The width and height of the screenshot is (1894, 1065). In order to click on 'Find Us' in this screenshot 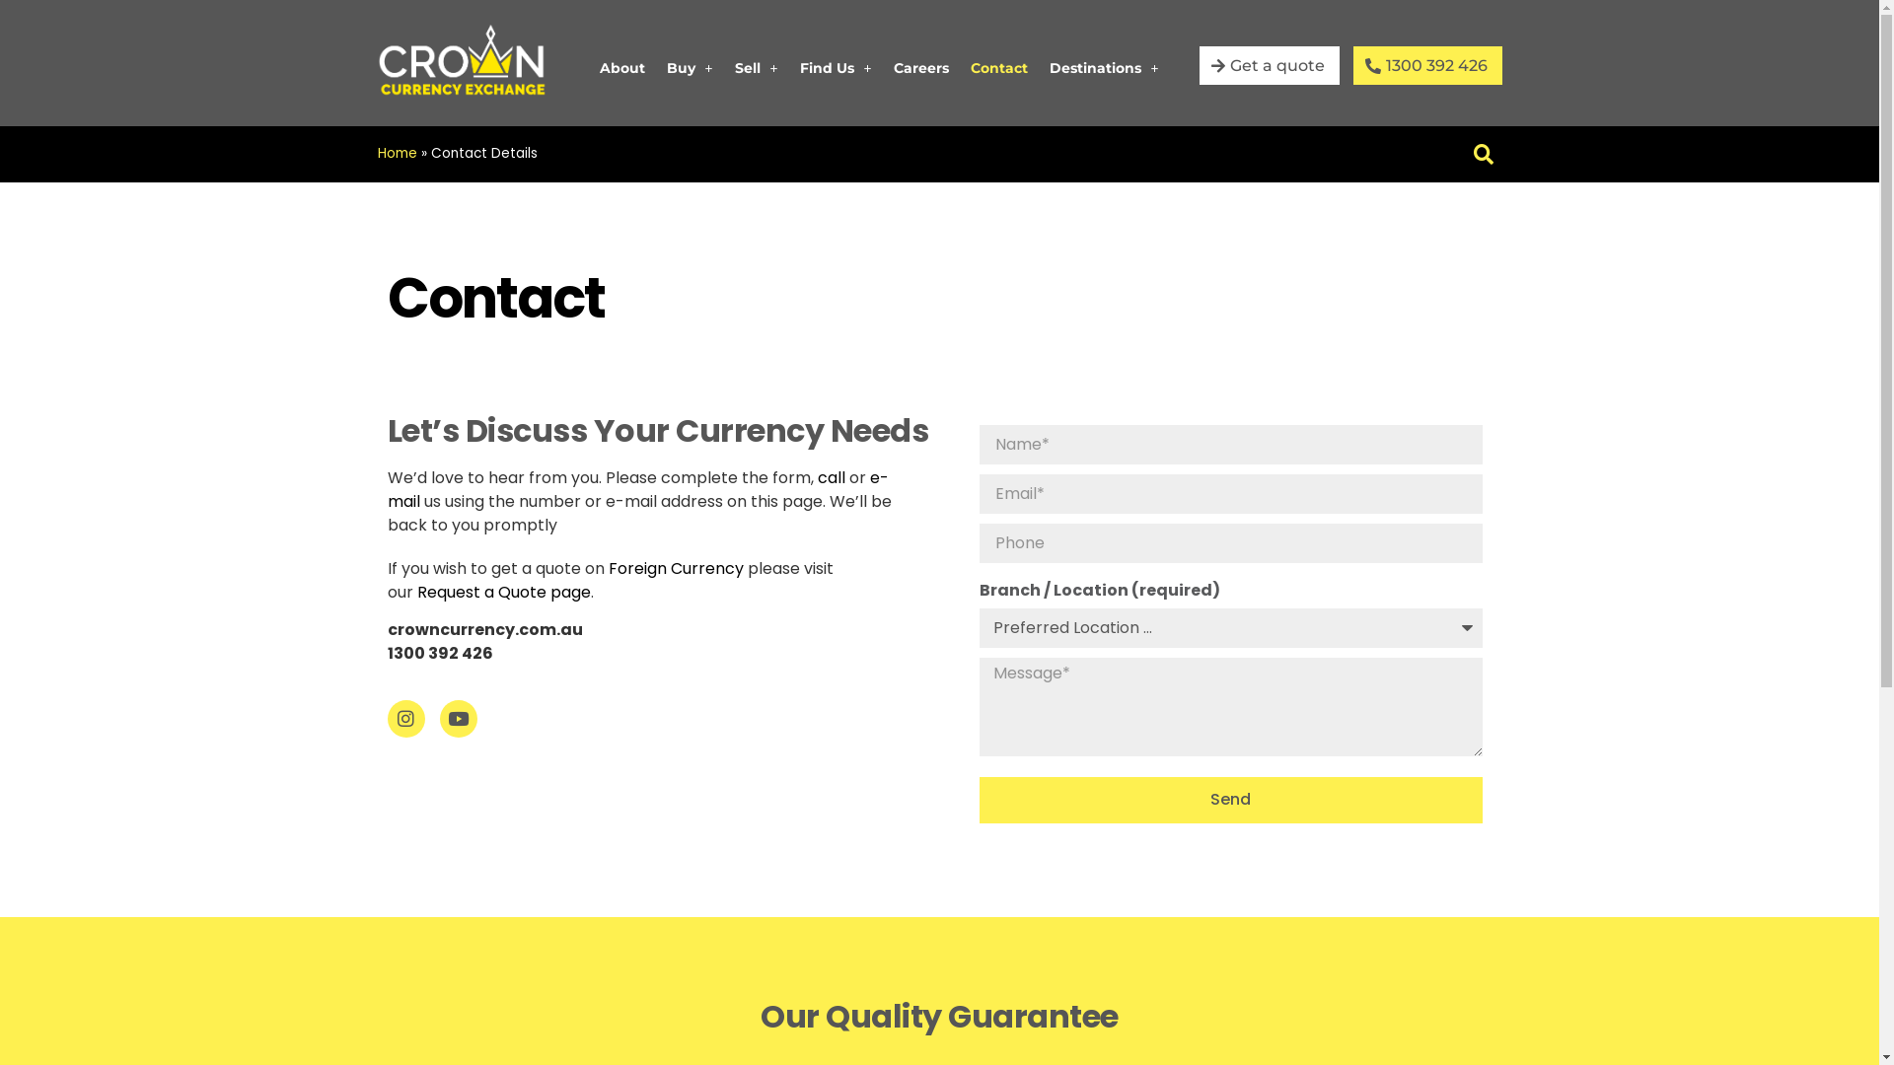, I will do `click(836, 67)`.